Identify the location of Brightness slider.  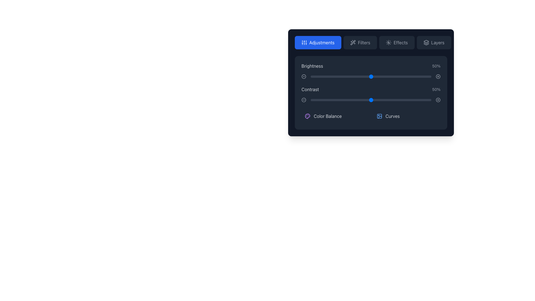
(313, 76).